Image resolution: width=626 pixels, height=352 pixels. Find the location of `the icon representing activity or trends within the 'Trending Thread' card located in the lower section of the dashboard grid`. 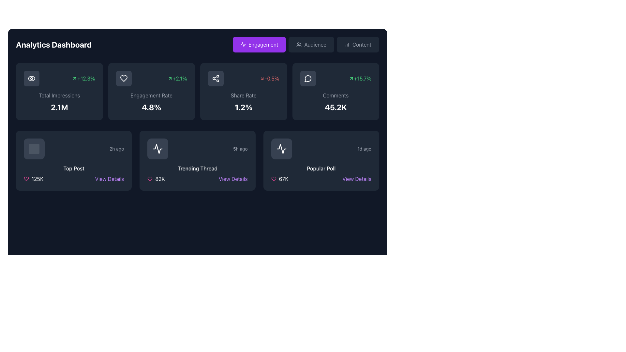

the icon representing activity or trends within the 'Trending Thread' card located in the lower section of the dashboard grid is located at coordinates (243, 44).